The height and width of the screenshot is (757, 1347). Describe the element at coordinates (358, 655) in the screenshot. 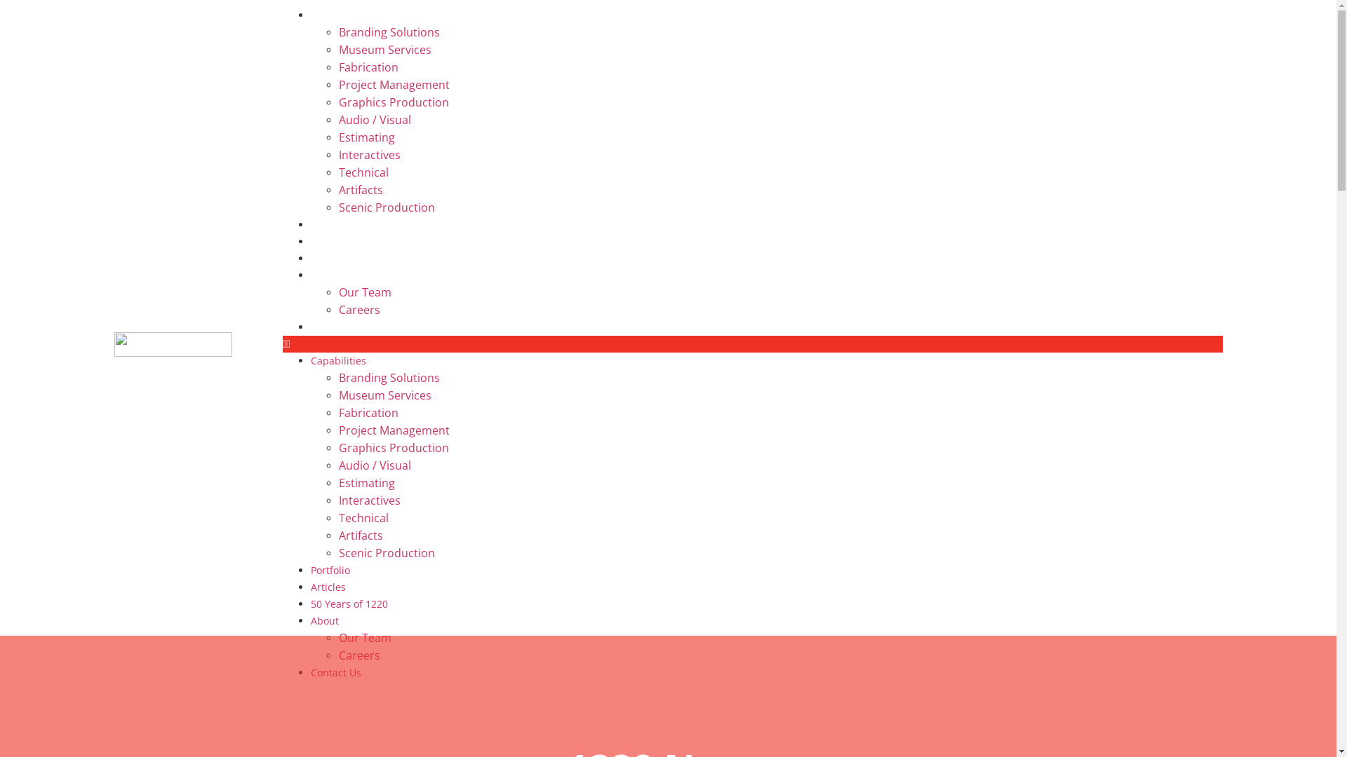

I see `'Careers'` at that location.